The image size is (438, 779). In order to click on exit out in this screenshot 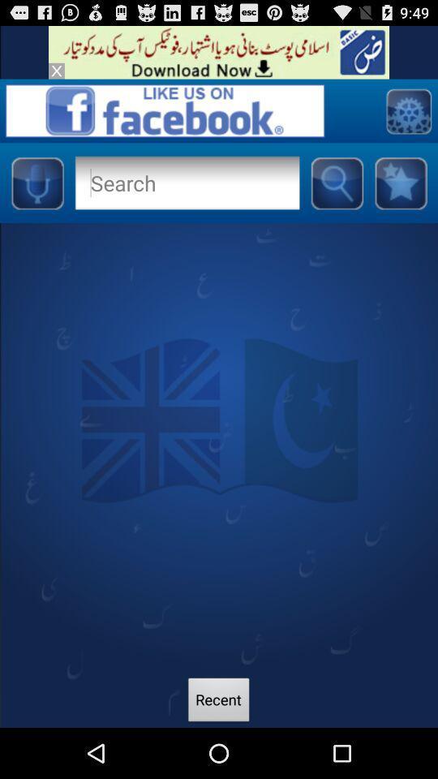, I will do `click(55, 71)`.